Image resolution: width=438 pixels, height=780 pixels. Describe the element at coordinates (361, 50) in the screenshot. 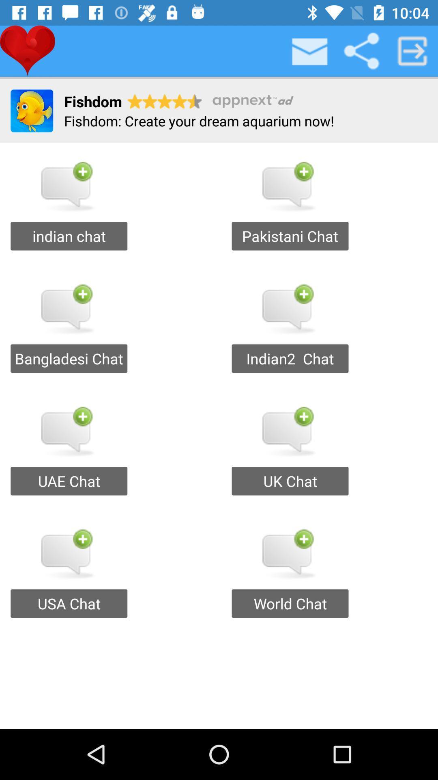

I see `the share icon` at that location.